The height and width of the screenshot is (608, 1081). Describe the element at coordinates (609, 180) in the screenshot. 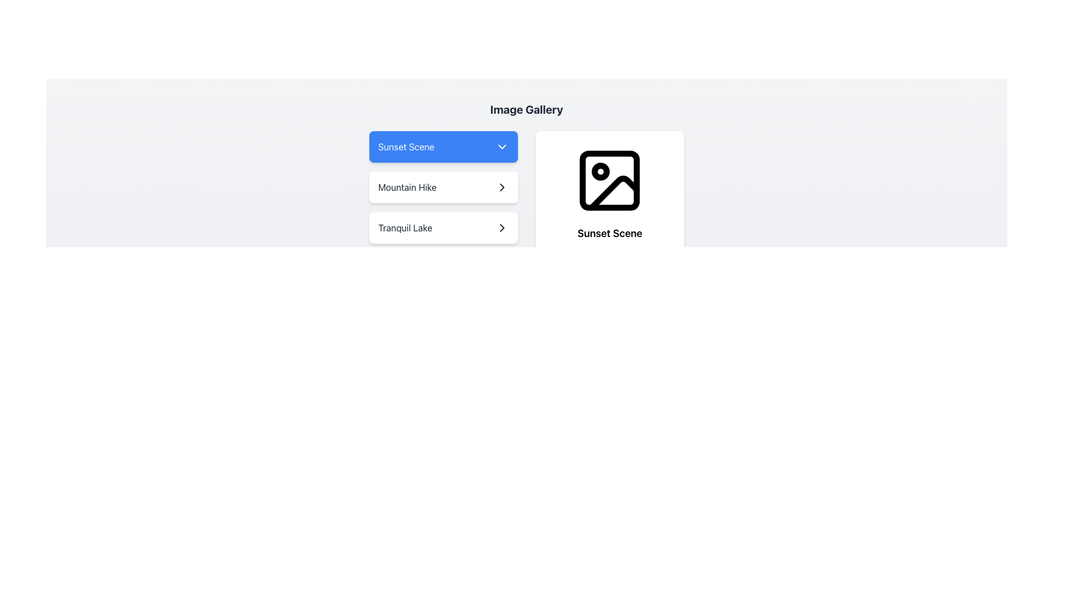

I see `the scenic view icon located centrally above the text 'Sunset Scene' and 'Beautiful sunset at the beach.' in the card interface` at that location.